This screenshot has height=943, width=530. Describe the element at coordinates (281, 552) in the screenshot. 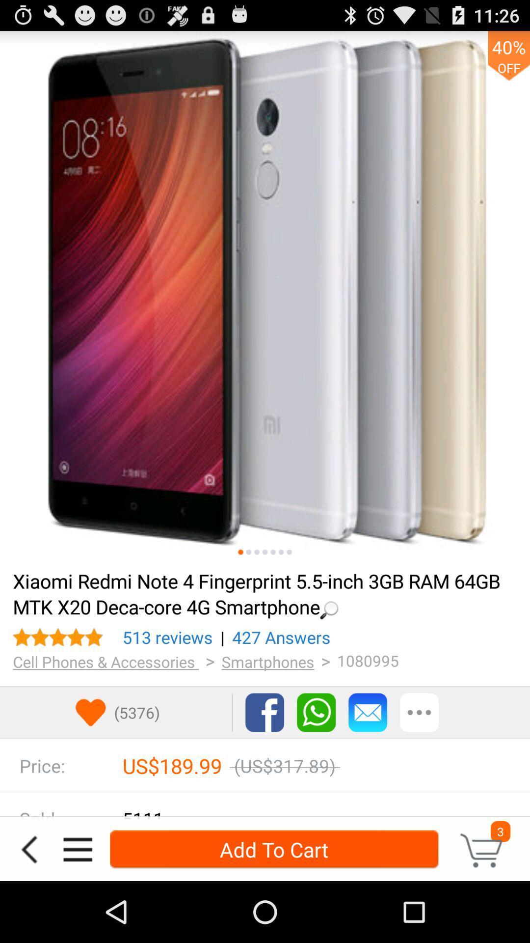

I see `android photo or linup saying go to the next page` at that location.